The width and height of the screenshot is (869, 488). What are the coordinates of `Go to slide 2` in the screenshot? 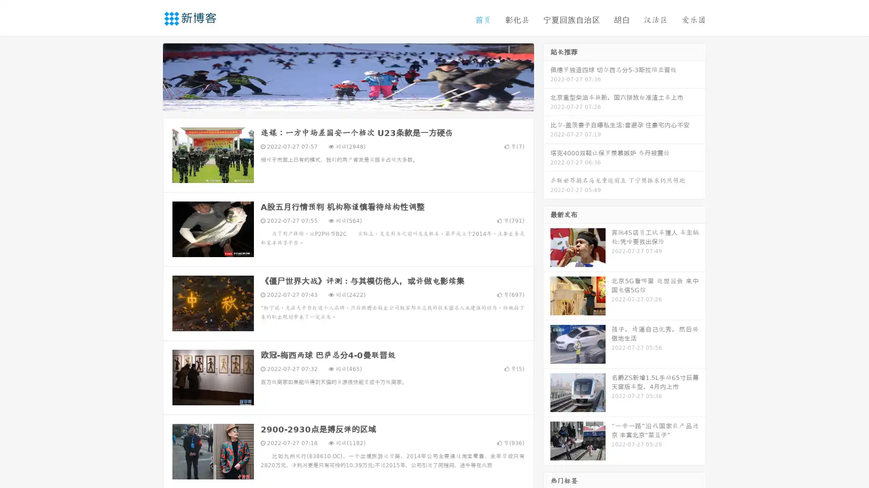 It's located at (348, 102).